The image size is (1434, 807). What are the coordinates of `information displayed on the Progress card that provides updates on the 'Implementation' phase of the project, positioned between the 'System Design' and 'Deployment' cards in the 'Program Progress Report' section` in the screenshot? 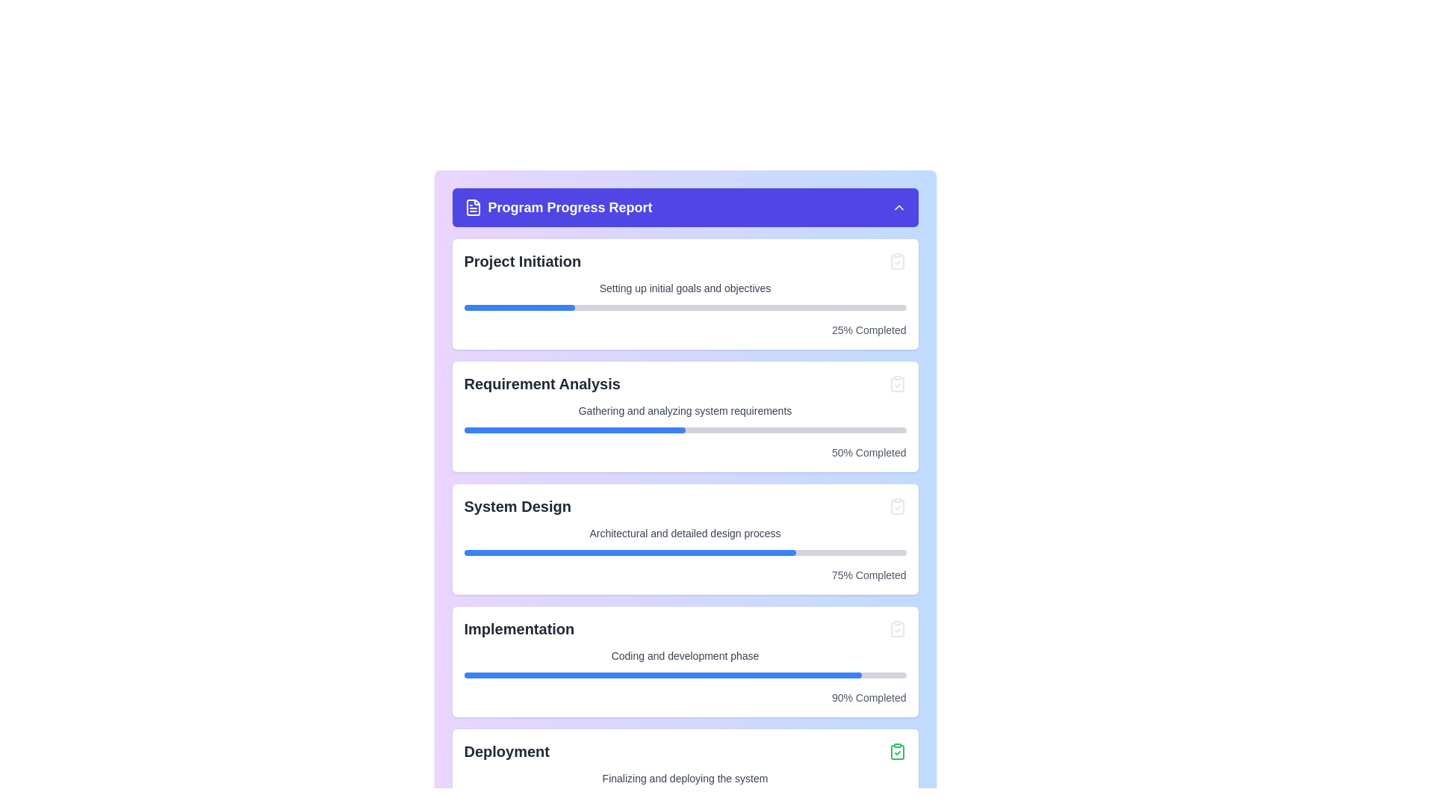 It's located at (684, 661).